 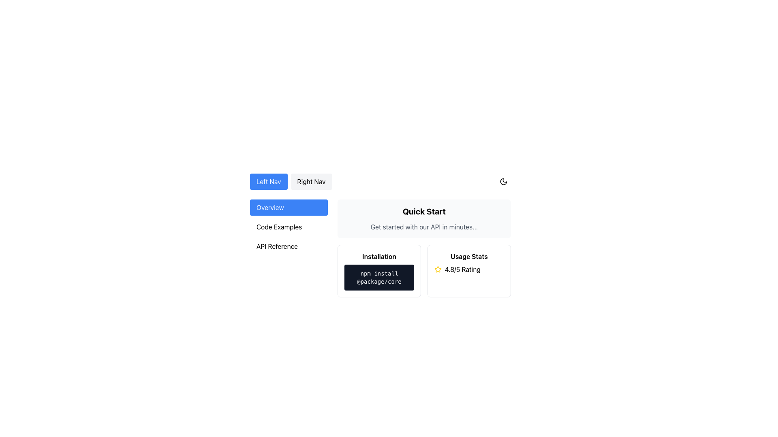 I want to click on the Informational card labeled 'Usage Stats' which is located in the 'Quick Start' section and is the second box in a horizontal group of elements, so click(x=469, y=271).